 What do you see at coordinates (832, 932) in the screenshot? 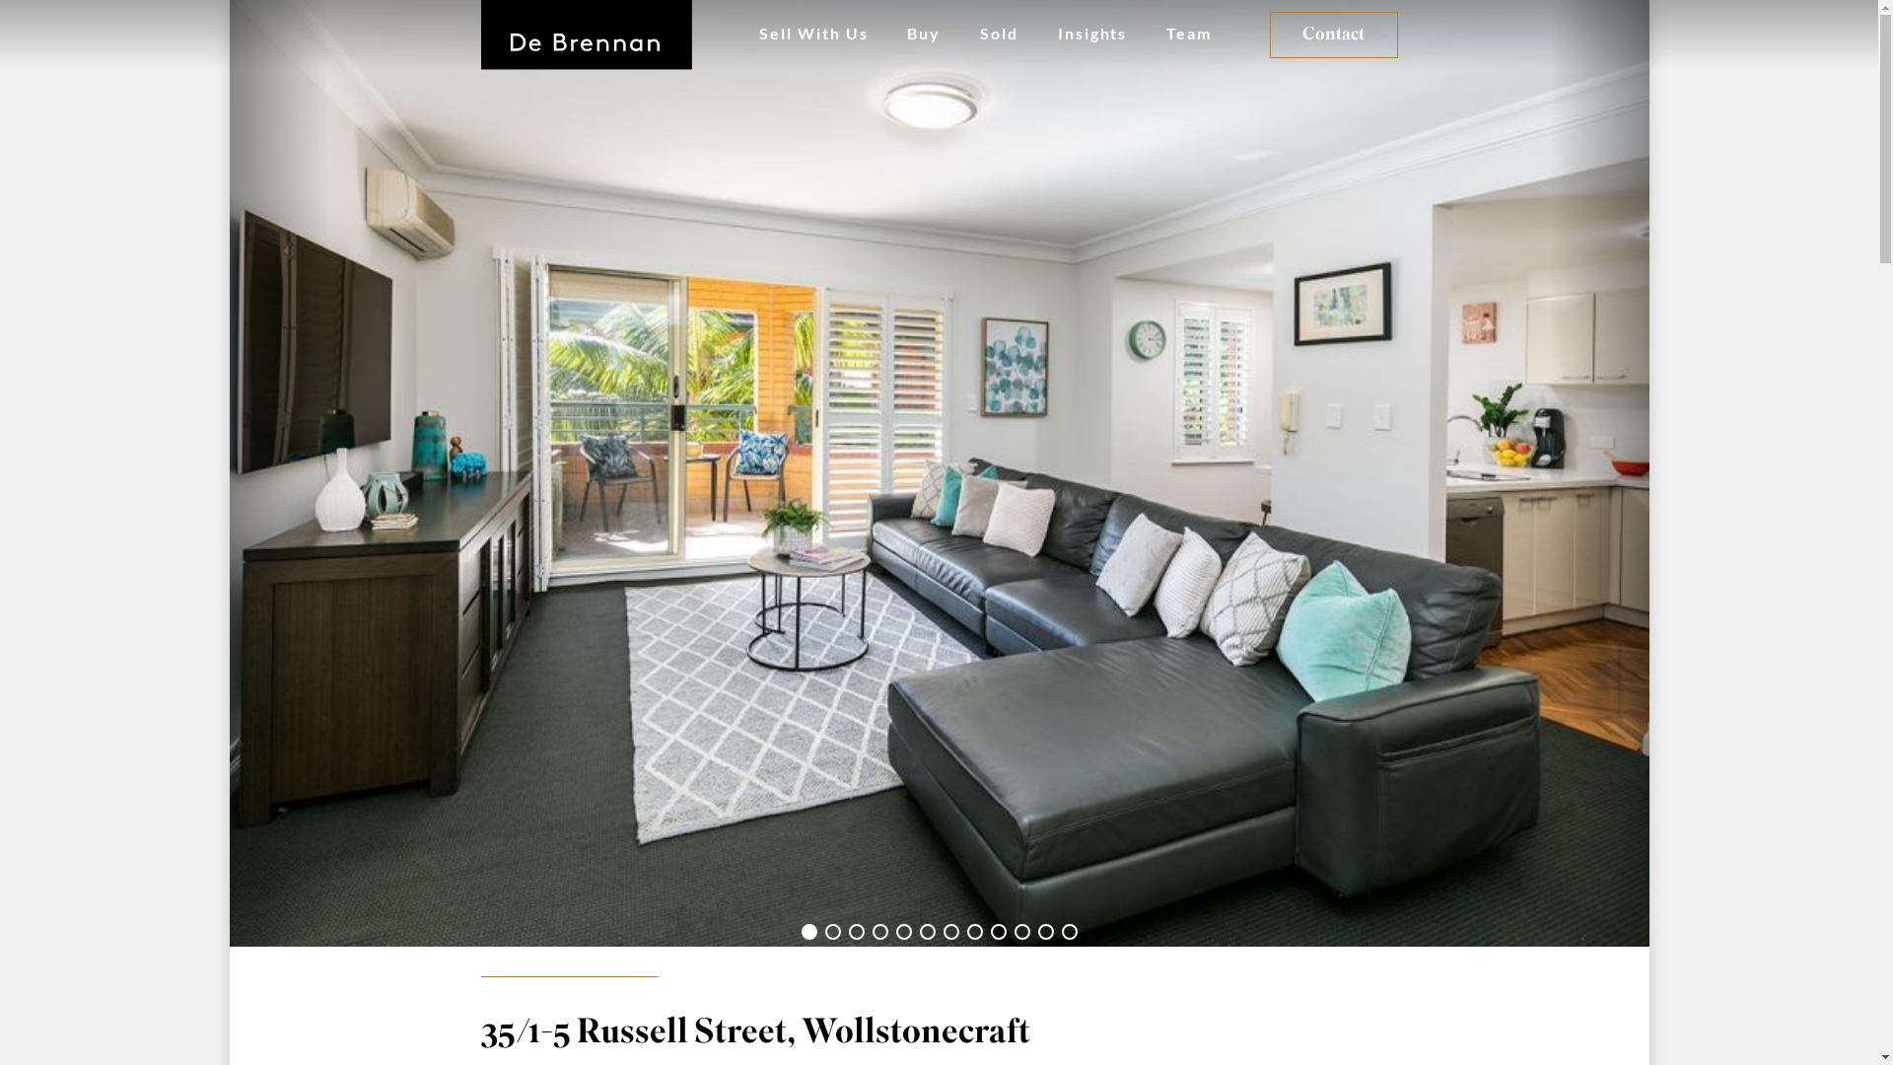
I see `'2'` at bounding box center [832, 932].